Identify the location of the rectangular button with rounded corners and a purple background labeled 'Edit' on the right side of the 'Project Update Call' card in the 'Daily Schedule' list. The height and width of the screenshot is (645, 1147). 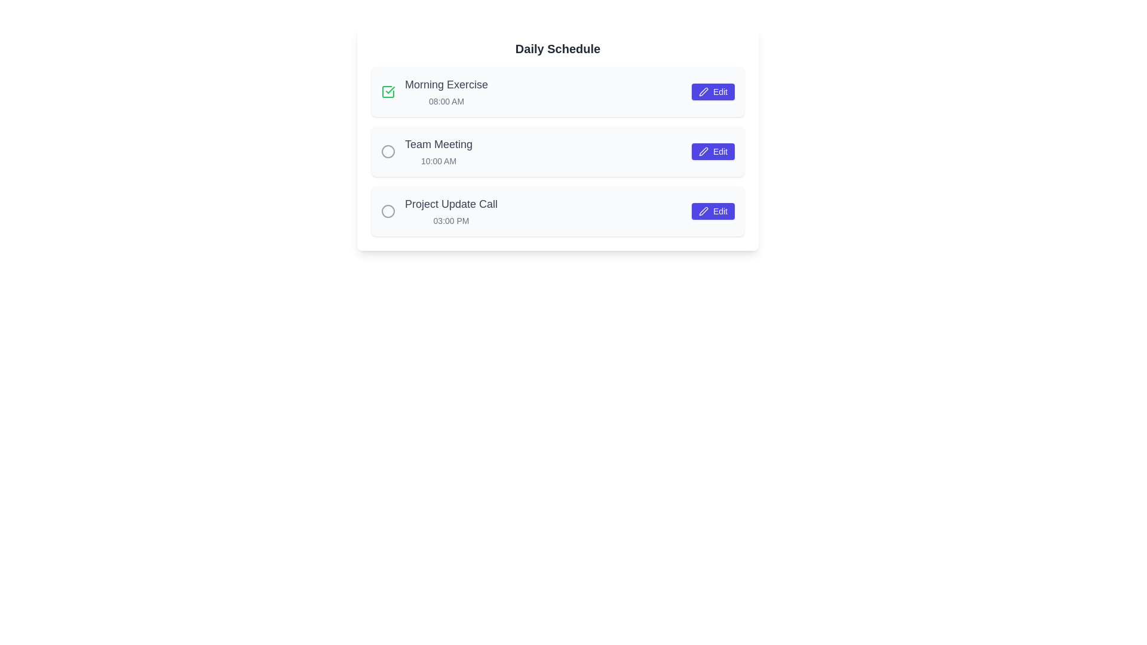
(713, 211).